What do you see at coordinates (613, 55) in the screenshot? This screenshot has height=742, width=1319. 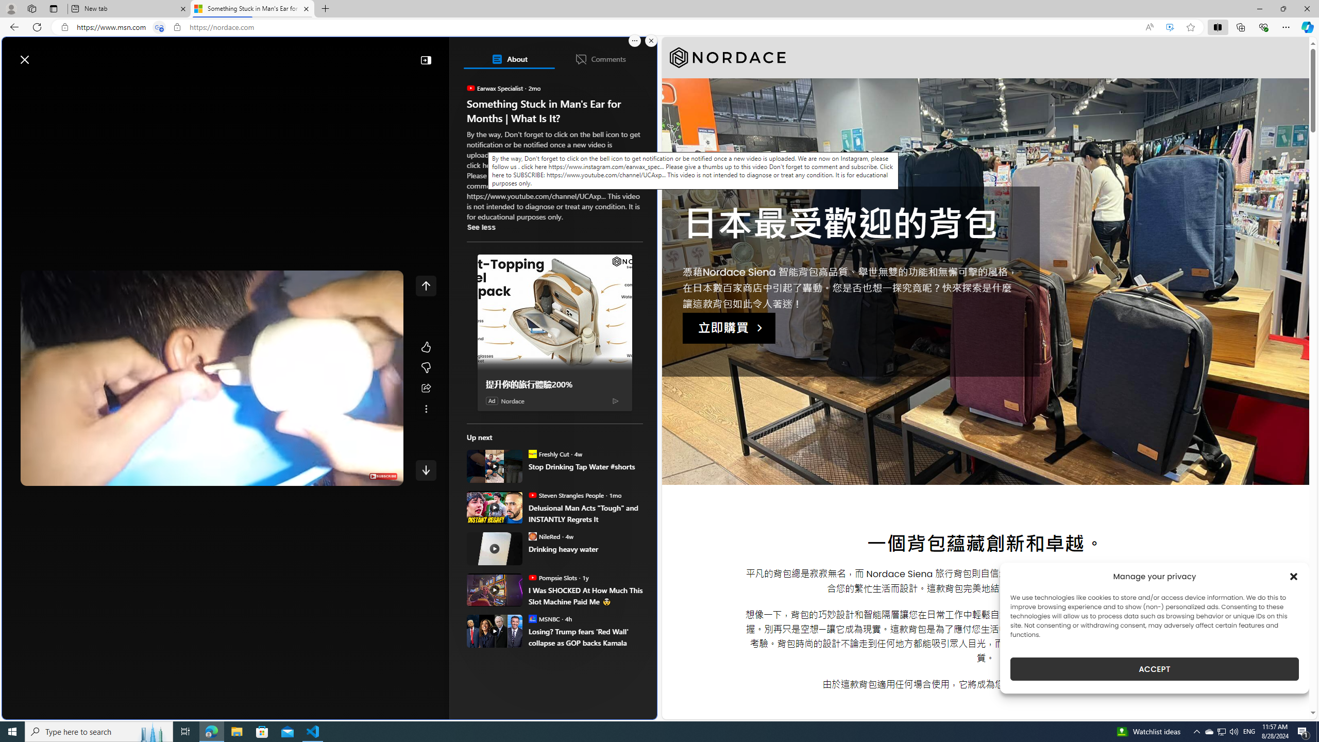 I see `'Notifications'` at bounding box center [613, 55].